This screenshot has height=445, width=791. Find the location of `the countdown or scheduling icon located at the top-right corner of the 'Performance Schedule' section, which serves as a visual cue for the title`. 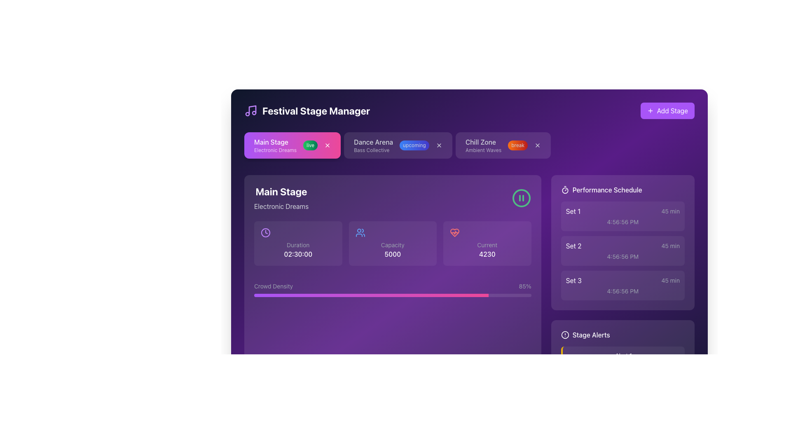

the countdown or scheduling icon located at the top-right corner of the 'Performance Schedule' section, which serves as a visual cue for the title is located at coordinates (564, 190).